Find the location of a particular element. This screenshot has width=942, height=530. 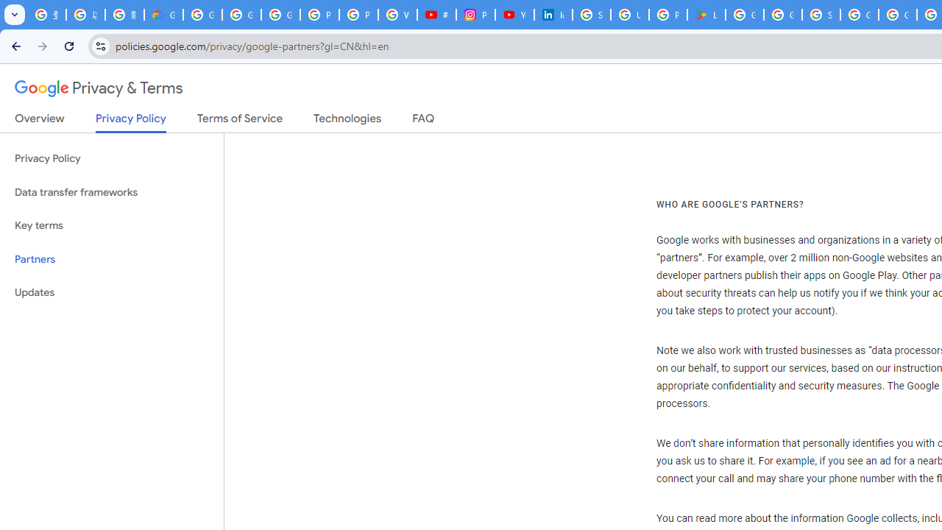

'Privacy & Terms' is located at coordinates (99, 88).